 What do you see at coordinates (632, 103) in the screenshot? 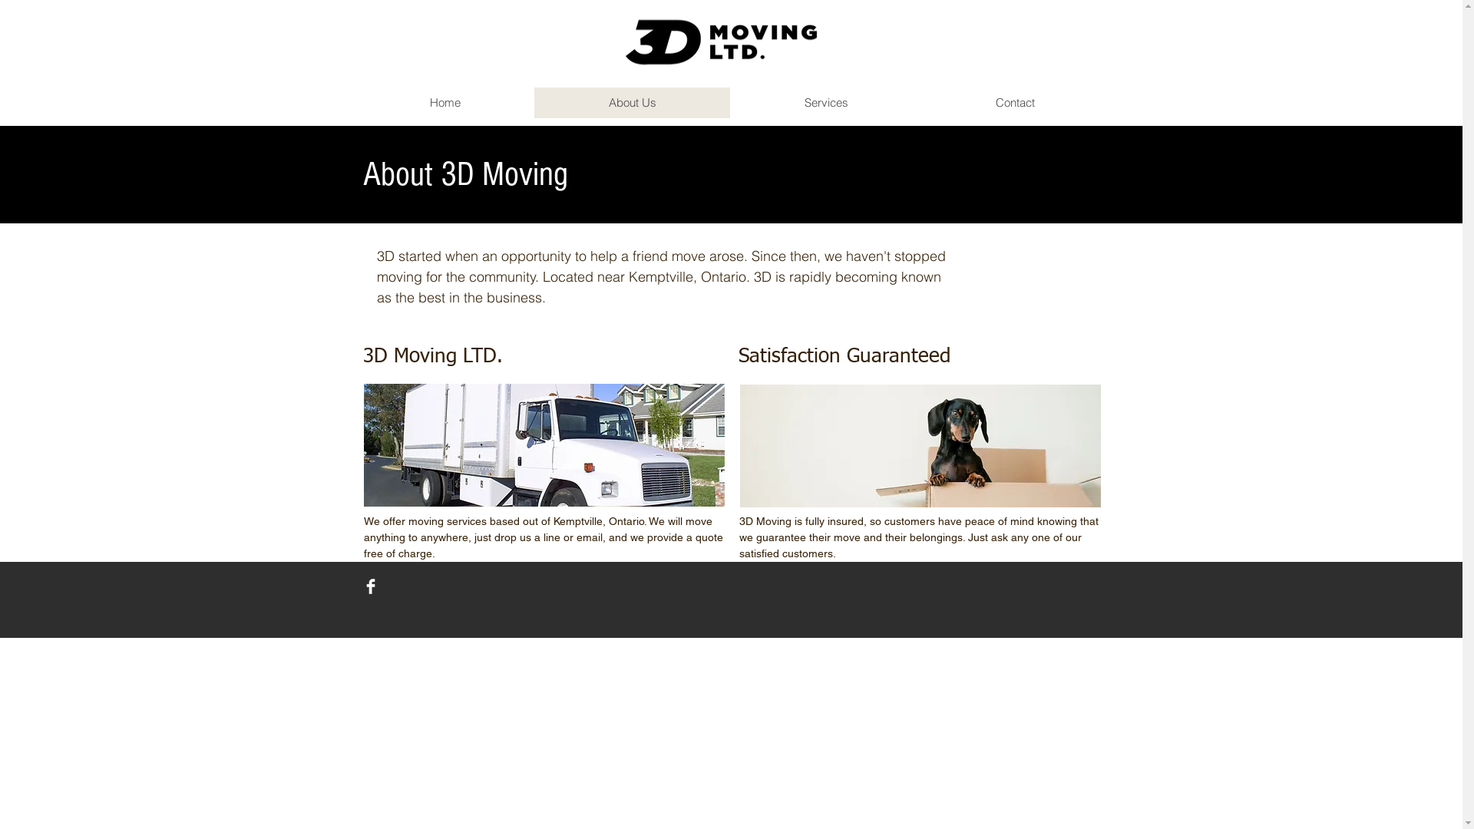
I see `'About Us'` at bounding box center [632, 103].